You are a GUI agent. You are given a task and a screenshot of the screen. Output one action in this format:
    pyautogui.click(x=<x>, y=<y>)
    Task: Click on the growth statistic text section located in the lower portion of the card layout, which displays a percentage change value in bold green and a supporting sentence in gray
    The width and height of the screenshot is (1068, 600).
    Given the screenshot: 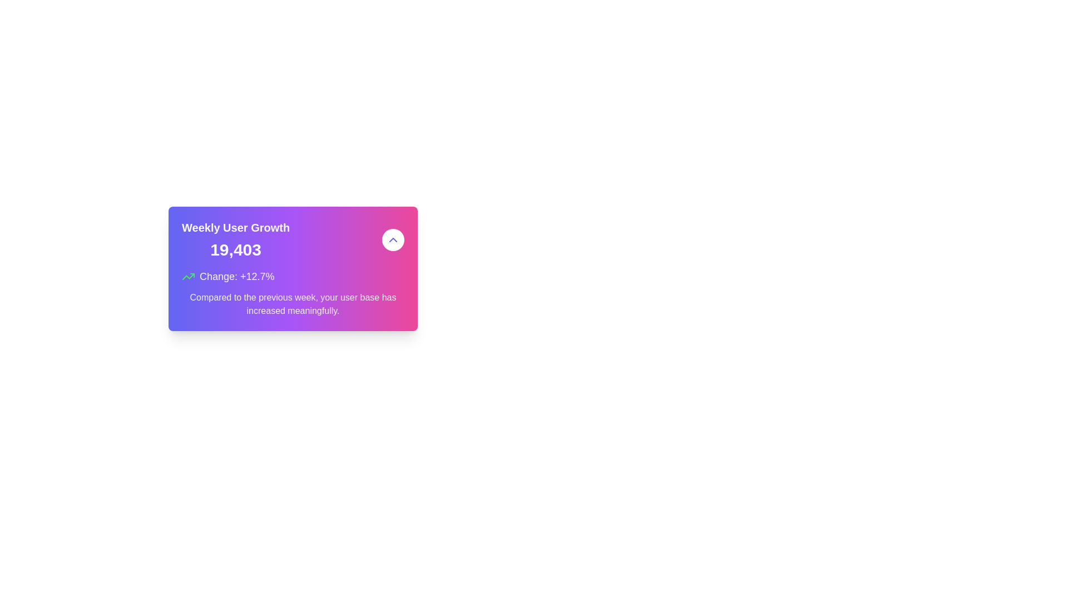 What is the action you would take?
    pyautogui.click(x=293, y=293)
    